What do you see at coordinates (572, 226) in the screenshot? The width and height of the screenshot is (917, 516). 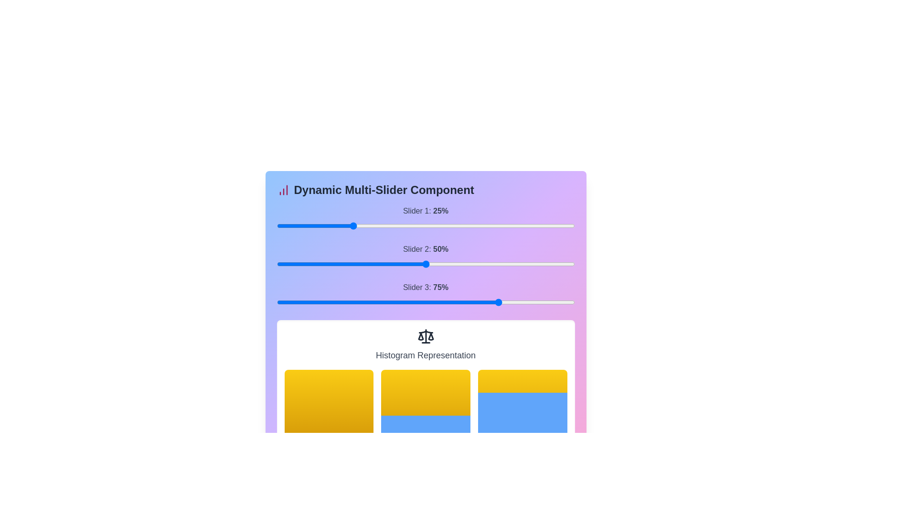 I see `the slider 1 to 98% to observe histogram changes` at bounding box center [572, 226].